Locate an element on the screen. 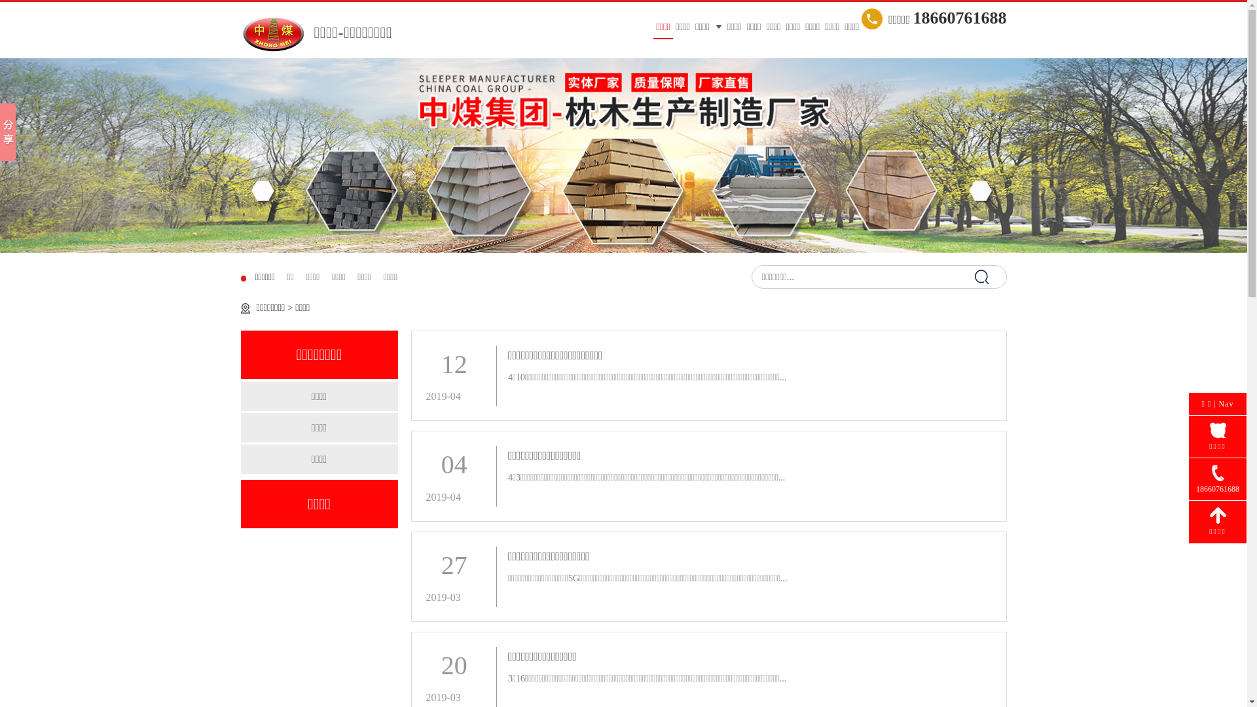  '18660761688' is located at coordinates (1217, 479).